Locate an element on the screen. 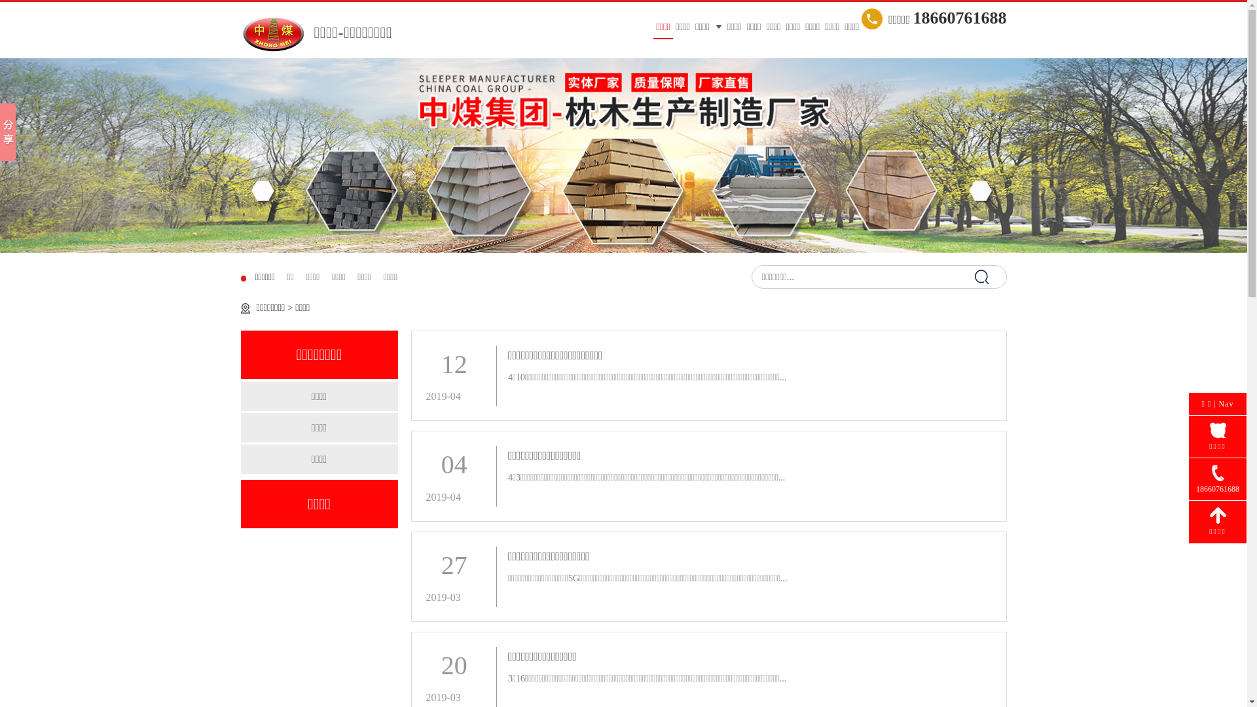  '18660761688' is located at coordinates (1217, 479).